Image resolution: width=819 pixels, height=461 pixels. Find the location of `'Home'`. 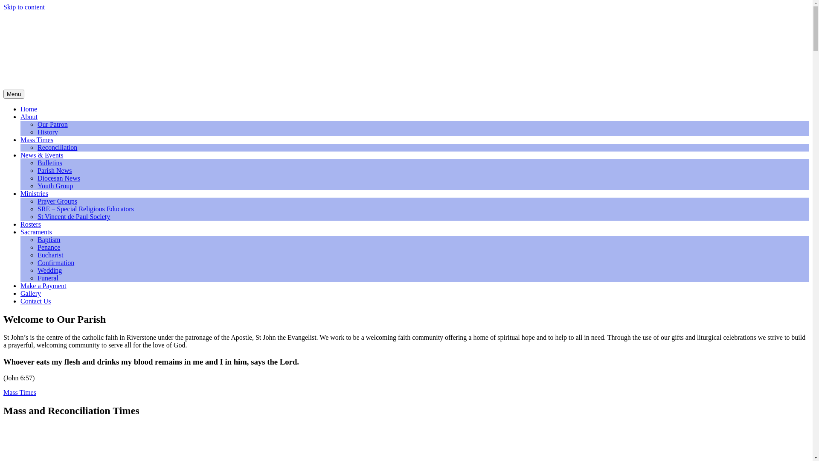

'Home' is located at coordinates (29, 108).